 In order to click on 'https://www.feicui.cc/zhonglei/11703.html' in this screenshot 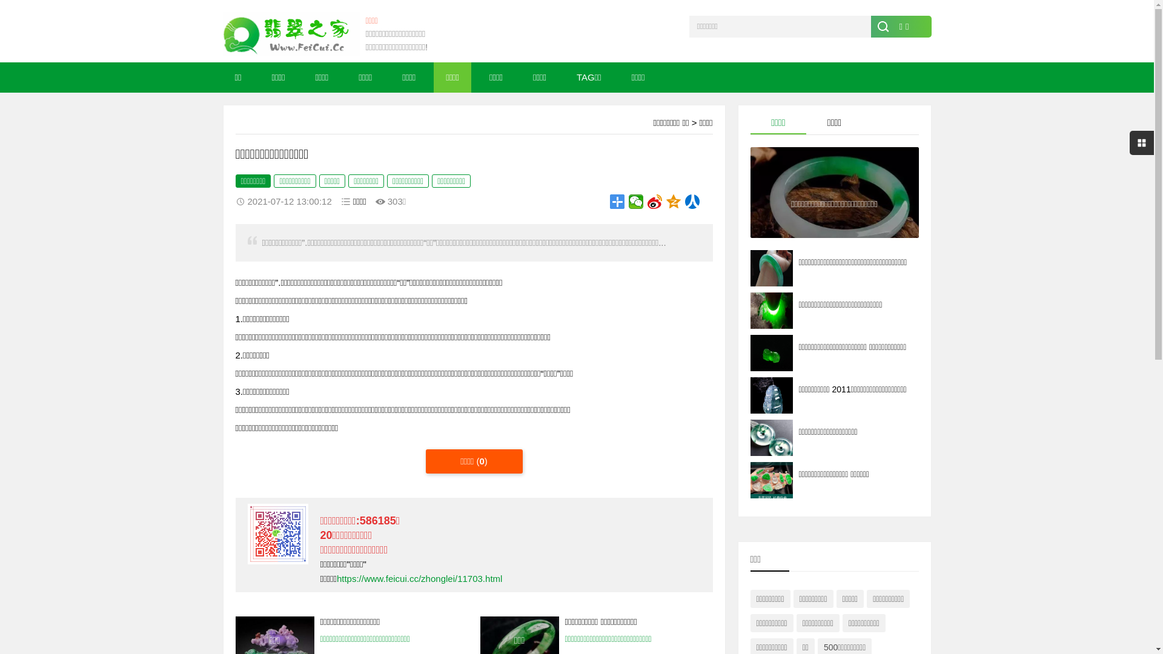, I will do `click(419, 578)`.